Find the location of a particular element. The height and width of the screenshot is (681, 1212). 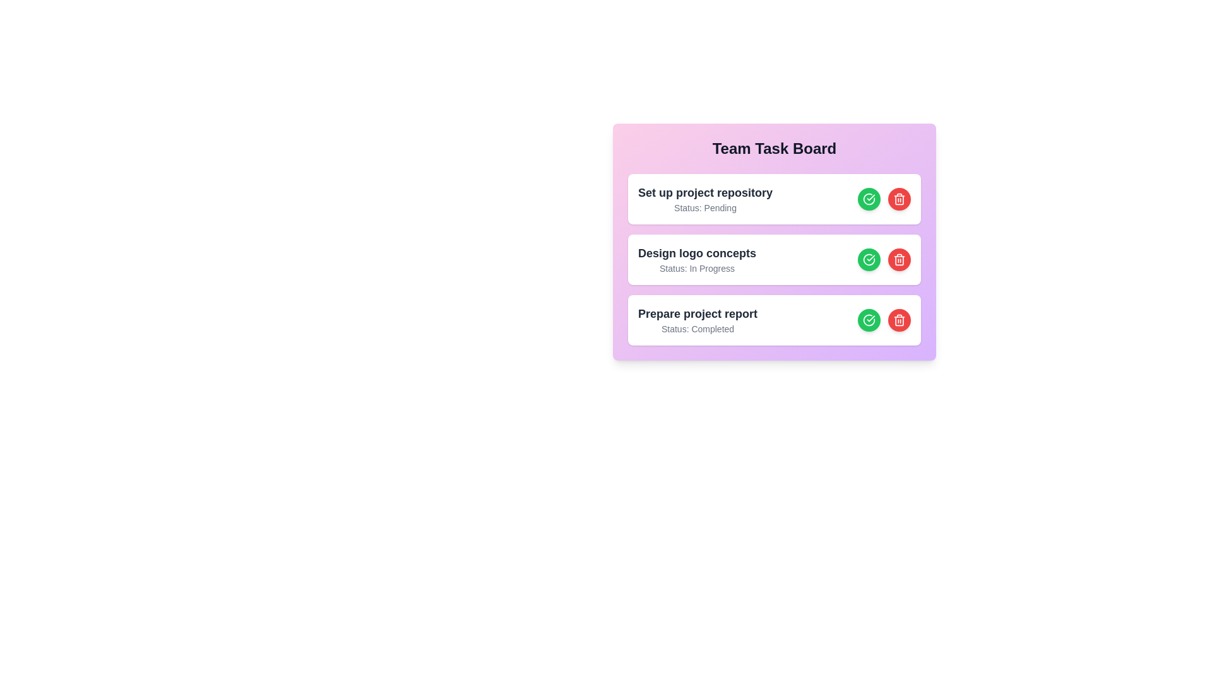

'Delete Task' button for the task titled 'Prepare project report' is located at coordinates (899, 320).